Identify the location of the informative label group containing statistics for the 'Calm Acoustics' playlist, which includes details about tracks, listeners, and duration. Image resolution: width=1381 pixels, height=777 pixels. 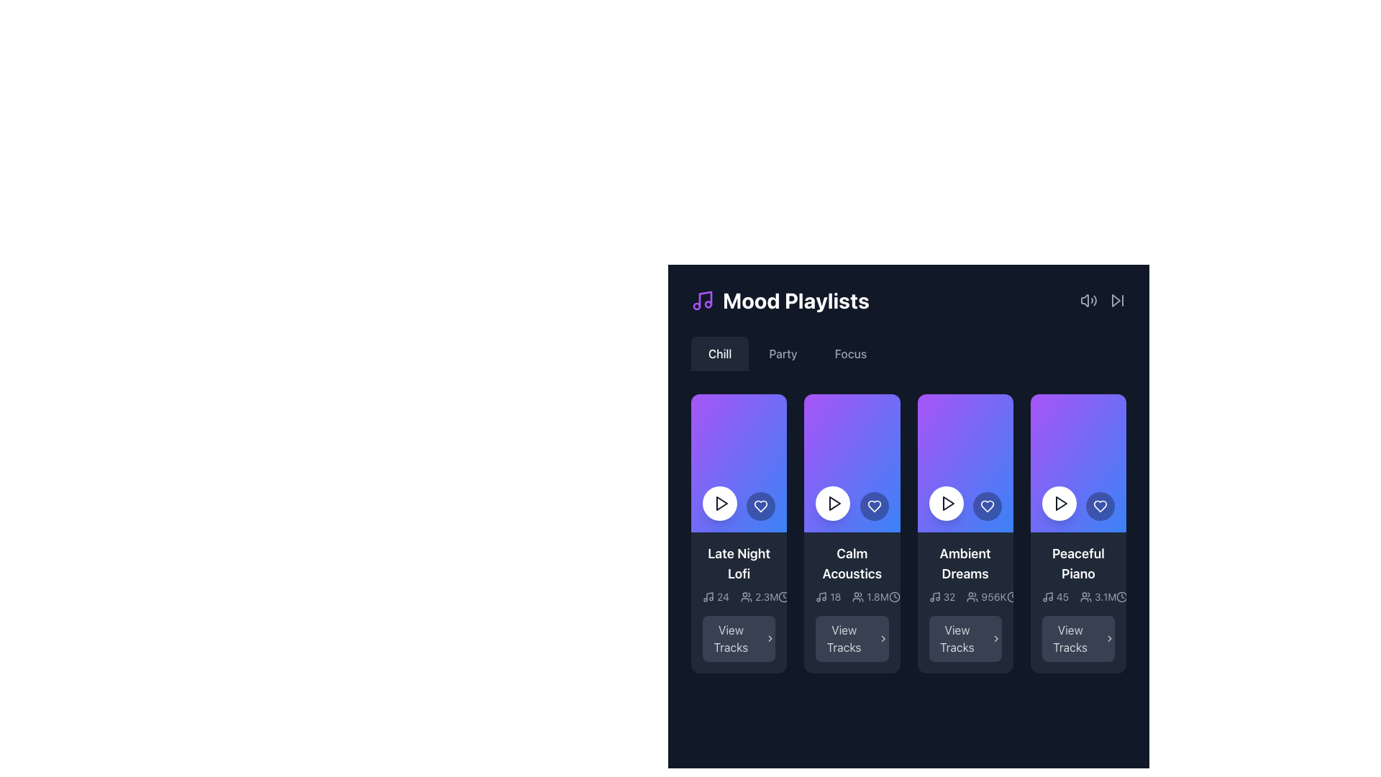
(852, 602).